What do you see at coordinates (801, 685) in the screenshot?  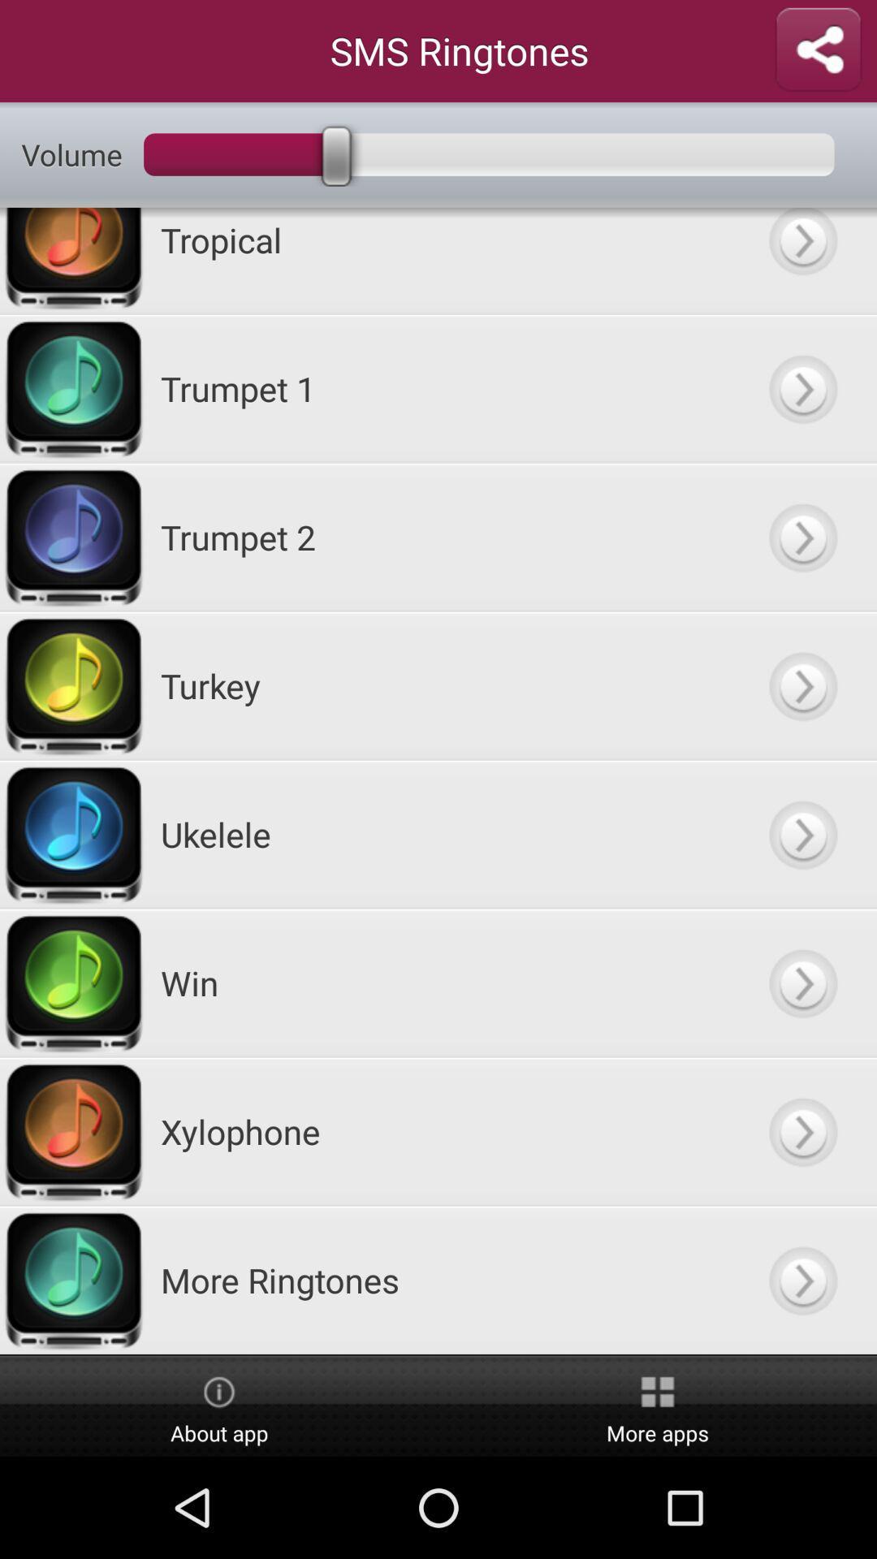 I see `play` at bounding box center [801, 685].